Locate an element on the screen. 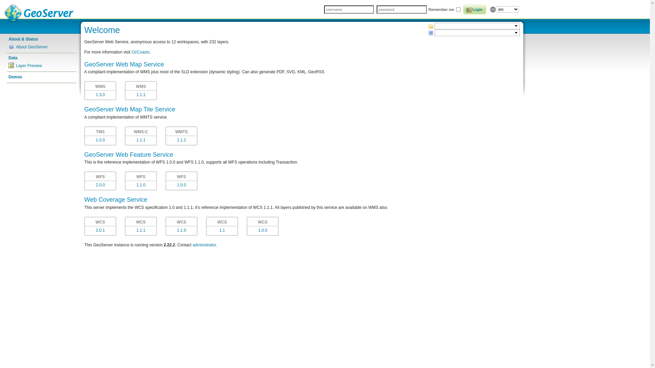 Image resolution: width=655 pixels, height=368 pixels. 'WFS is located at coordinates (140, 181).